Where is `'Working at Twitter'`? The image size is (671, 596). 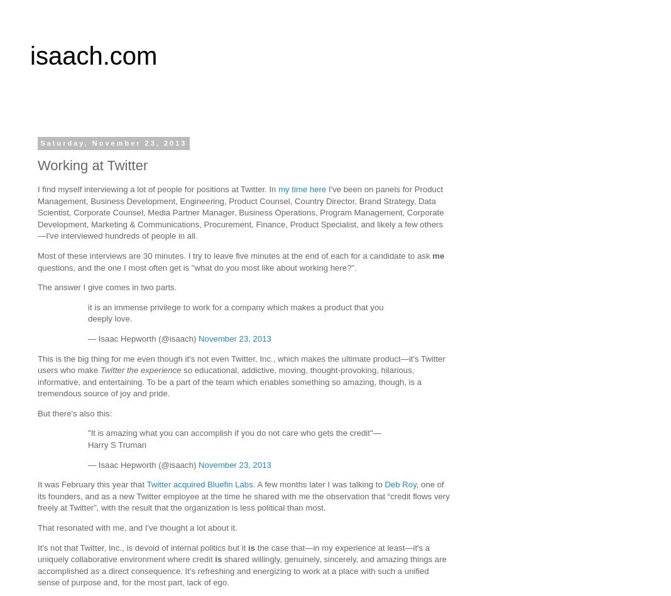 'Working at Twitter' is located at coordinates (37, 165).